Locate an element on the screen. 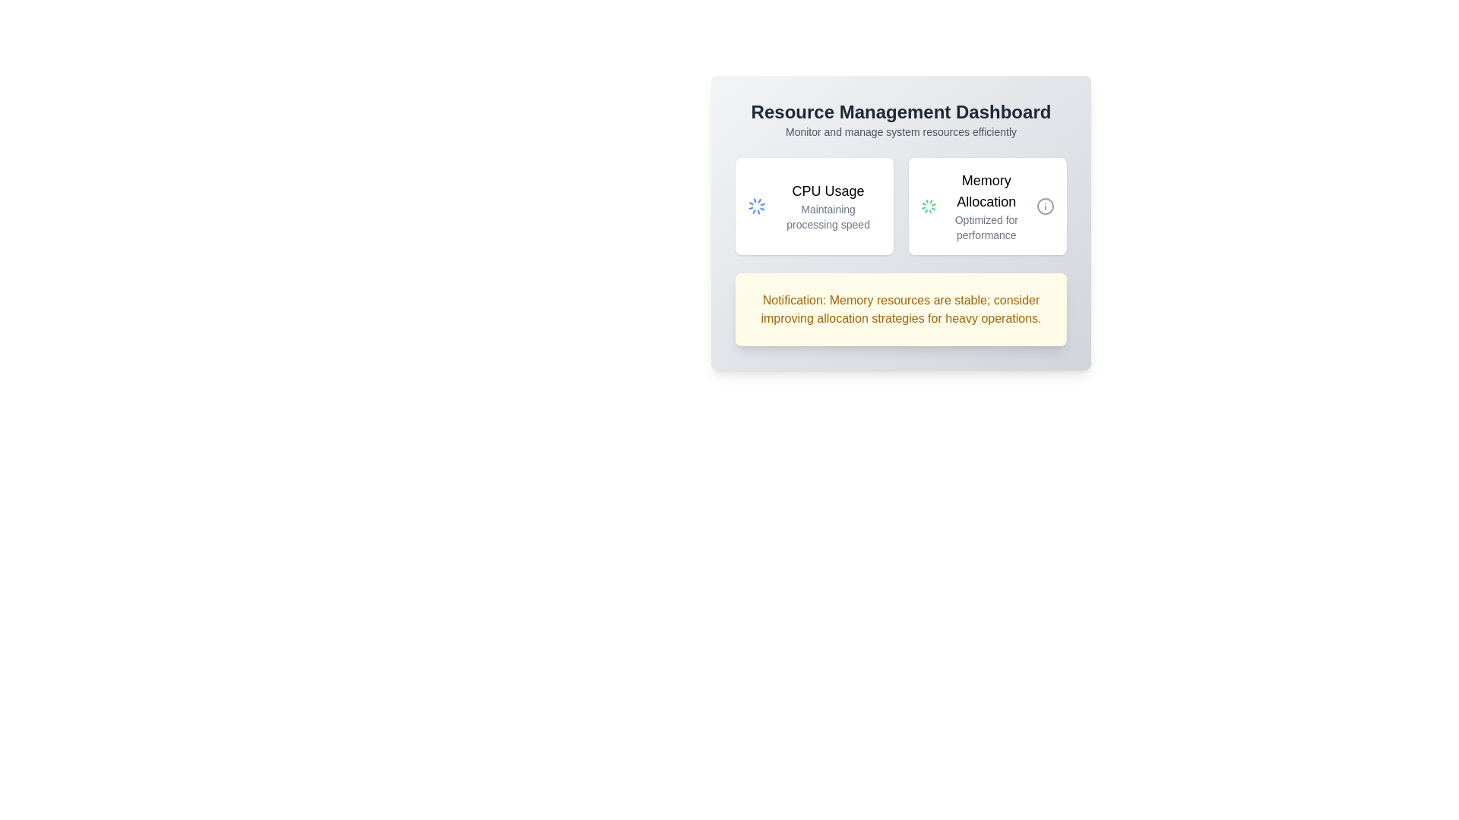 This screenshot has height=820, width=1459. the notification text label that displays 'Notification: Memory resources are stable; consider improving allocation strategies for heavy operations.' is located at coordinates (900, 309).